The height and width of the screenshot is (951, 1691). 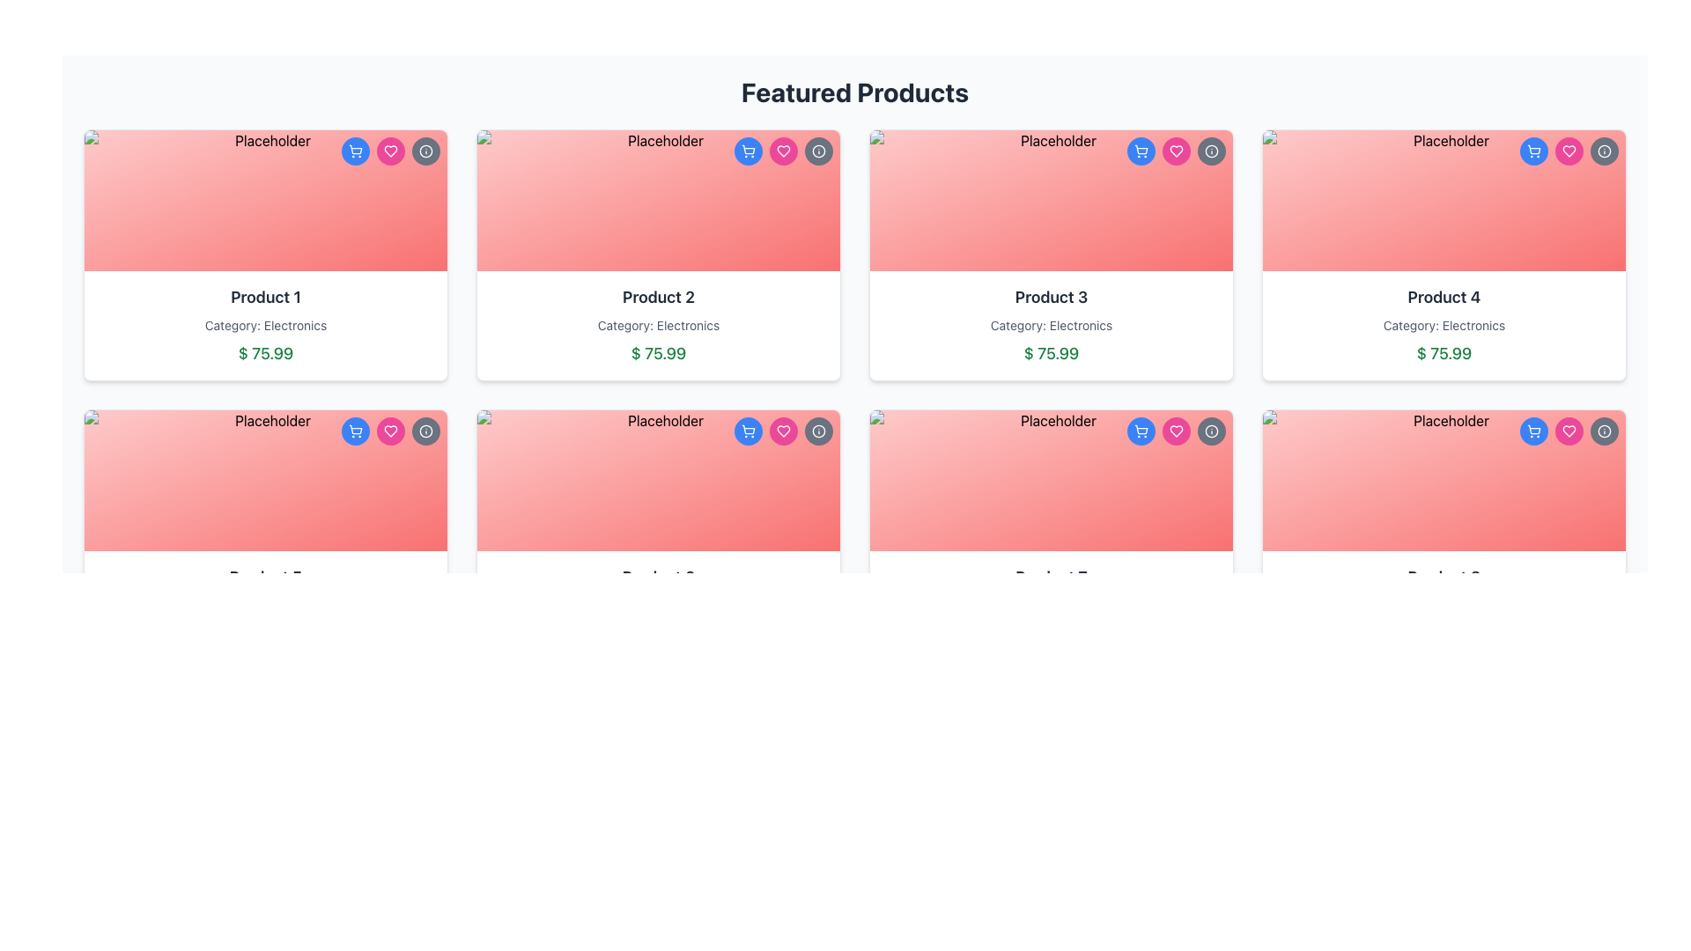 I want to click on the informational icon button located as the fourth button in the row of action icons on the top-right corner of the 'Product 1' card, so click(x=426, y=151).